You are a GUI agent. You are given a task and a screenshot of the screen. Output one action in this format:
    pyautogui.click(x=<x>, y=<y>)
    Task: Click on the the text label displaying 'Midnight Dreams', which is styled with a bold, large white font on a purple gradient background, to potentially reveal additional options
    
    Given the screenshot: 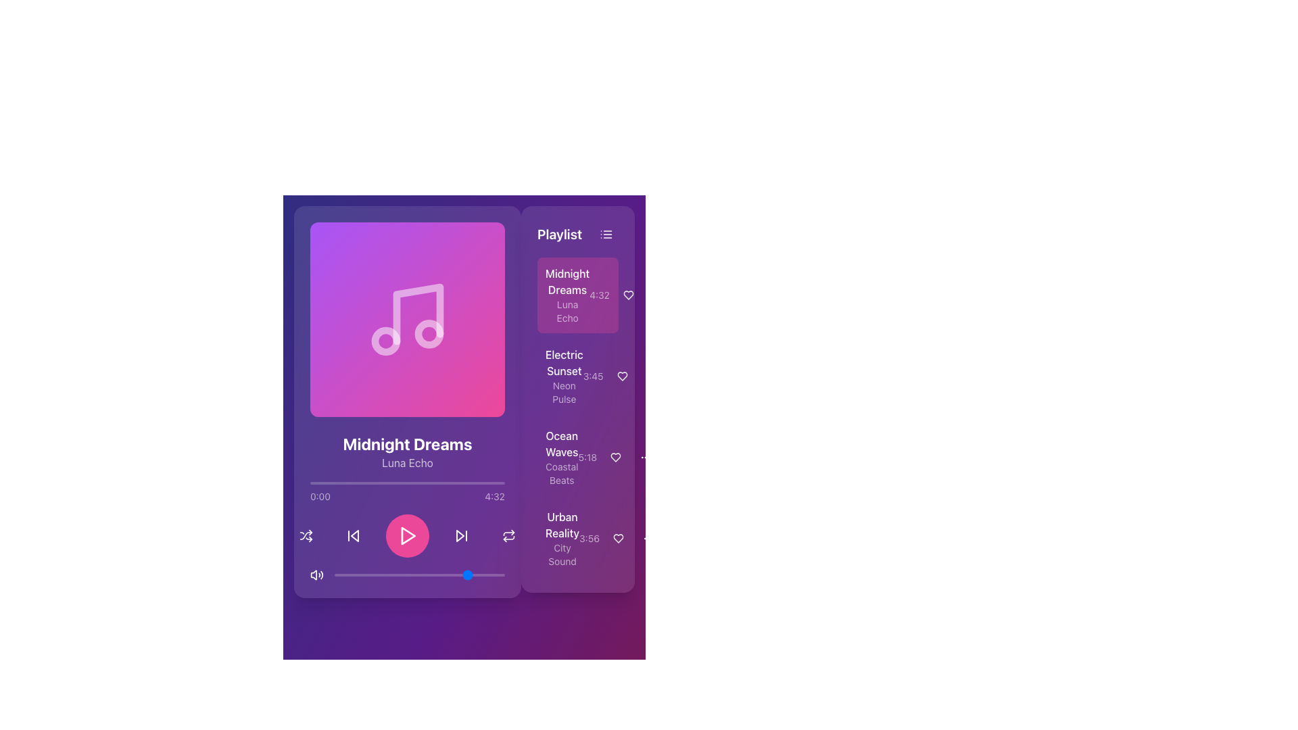 What is the action you would take?
    pyautogui.click(x=407, y=443)
    